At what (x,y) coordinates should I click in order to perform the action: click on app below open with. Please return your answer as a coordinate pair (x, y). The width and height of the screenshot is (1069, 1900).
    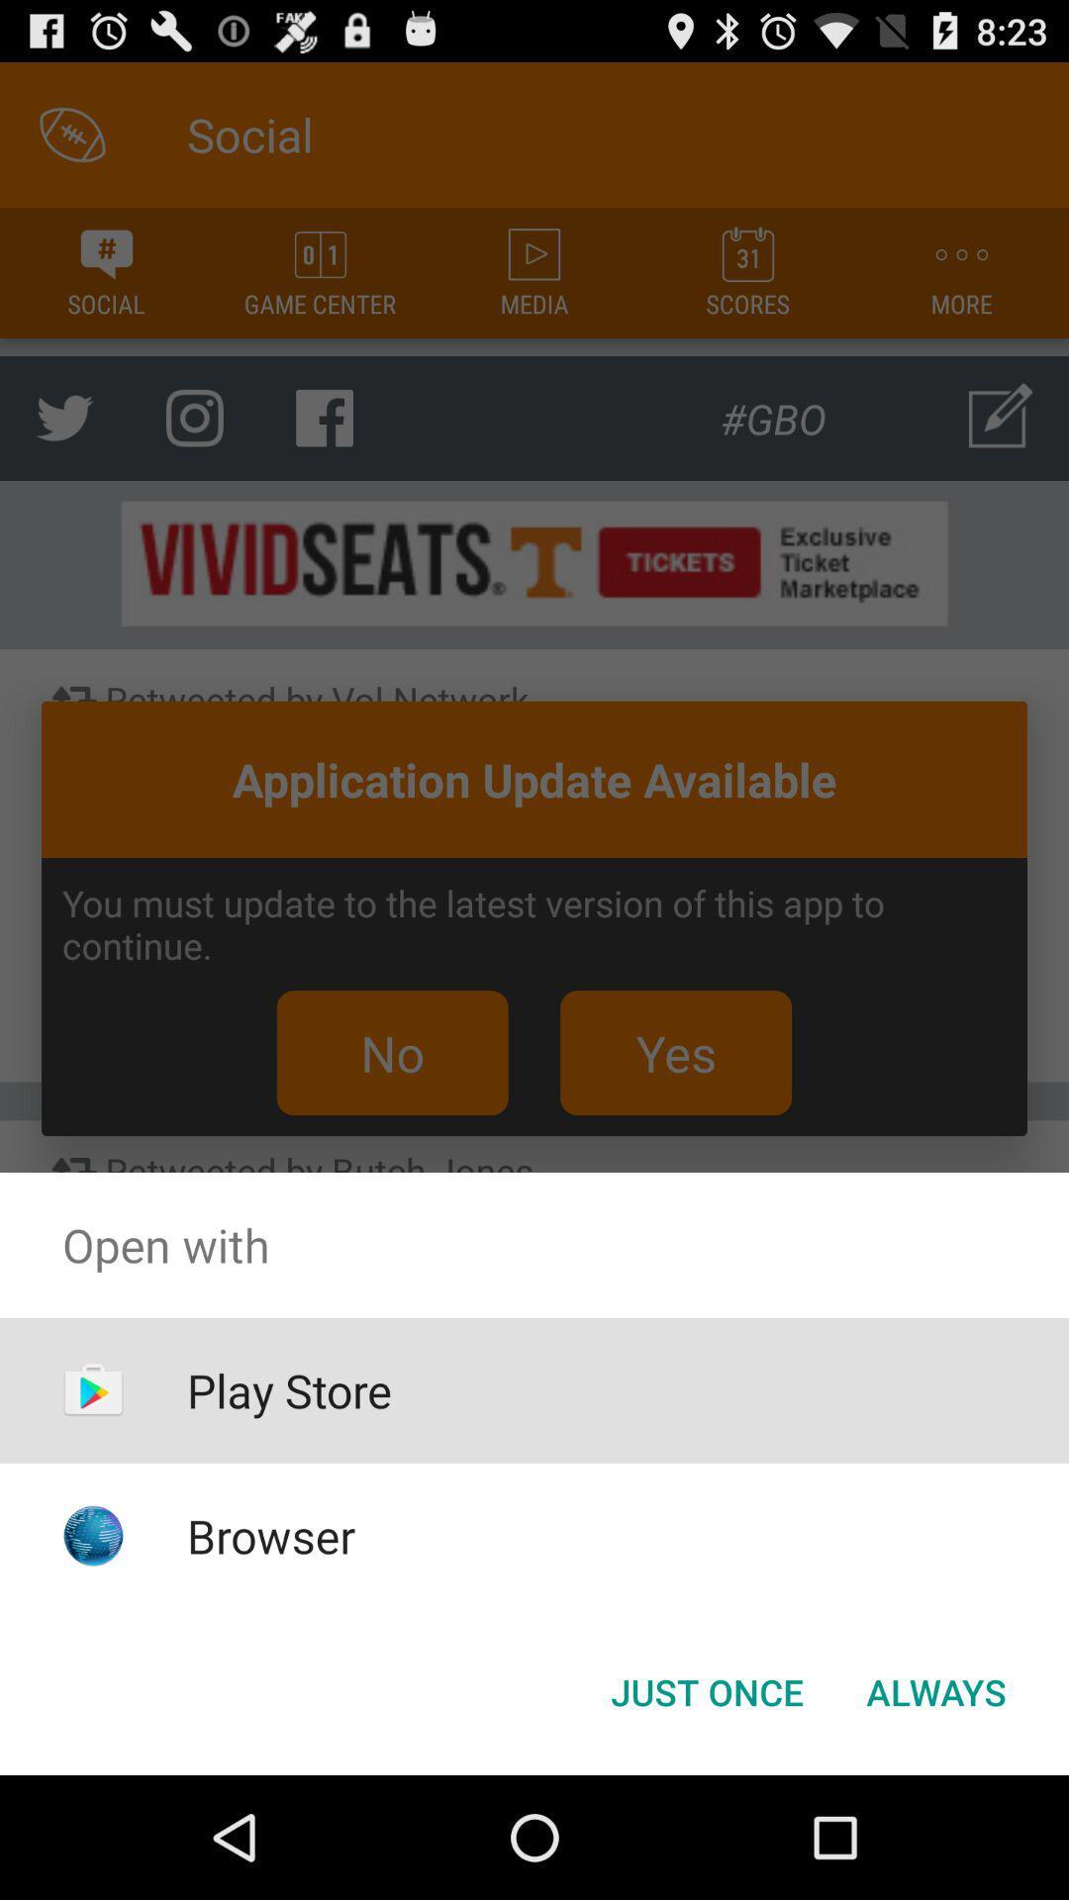
    Looking at the image, I should click on (935, 1690).